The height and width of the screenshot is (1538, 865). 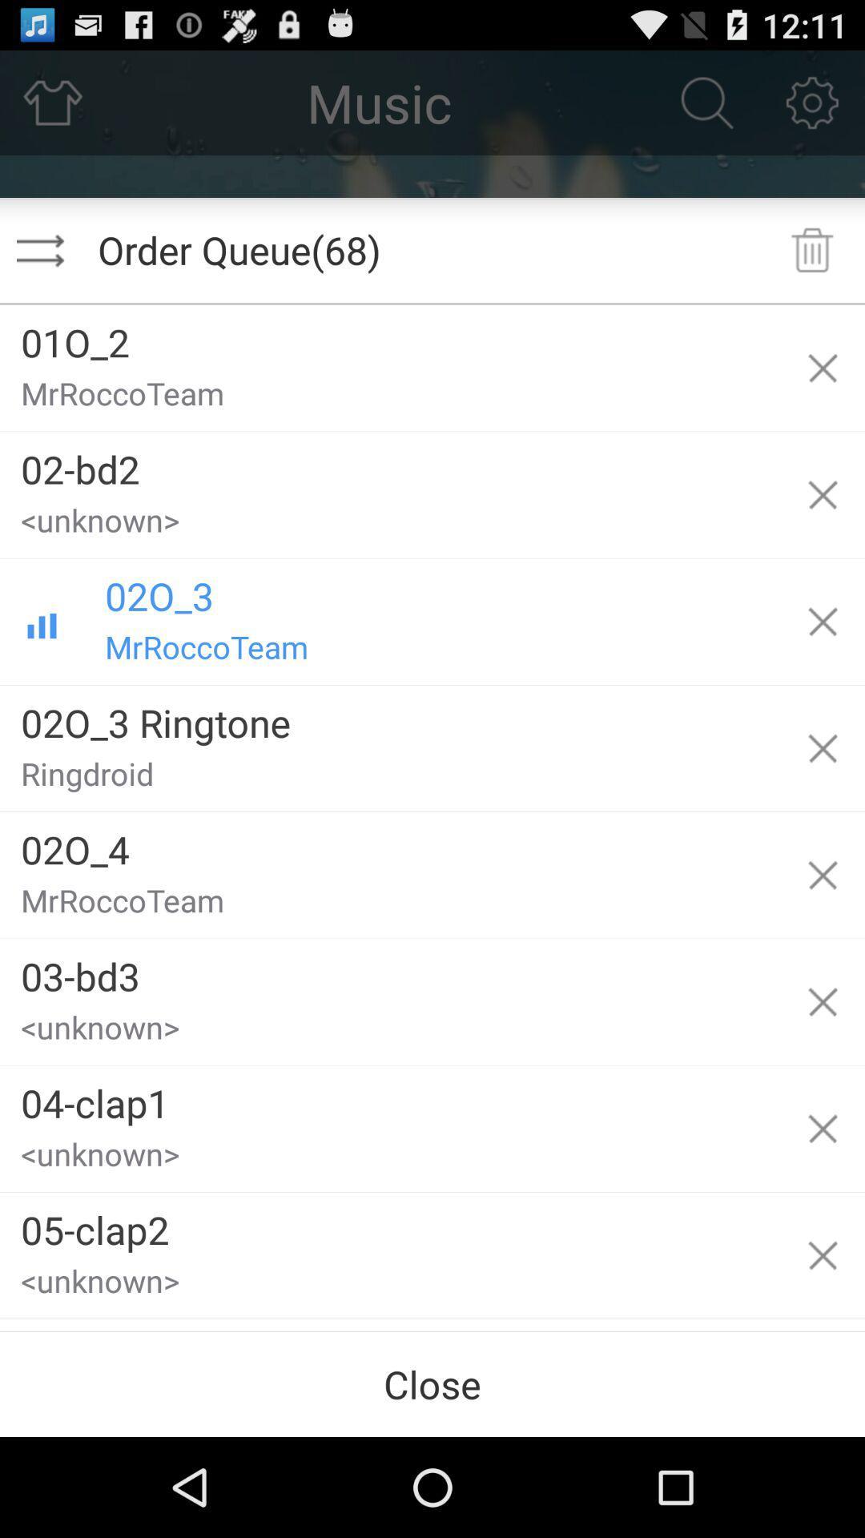 I want to click on 02-bd2 app, so click(x=390, y=462).